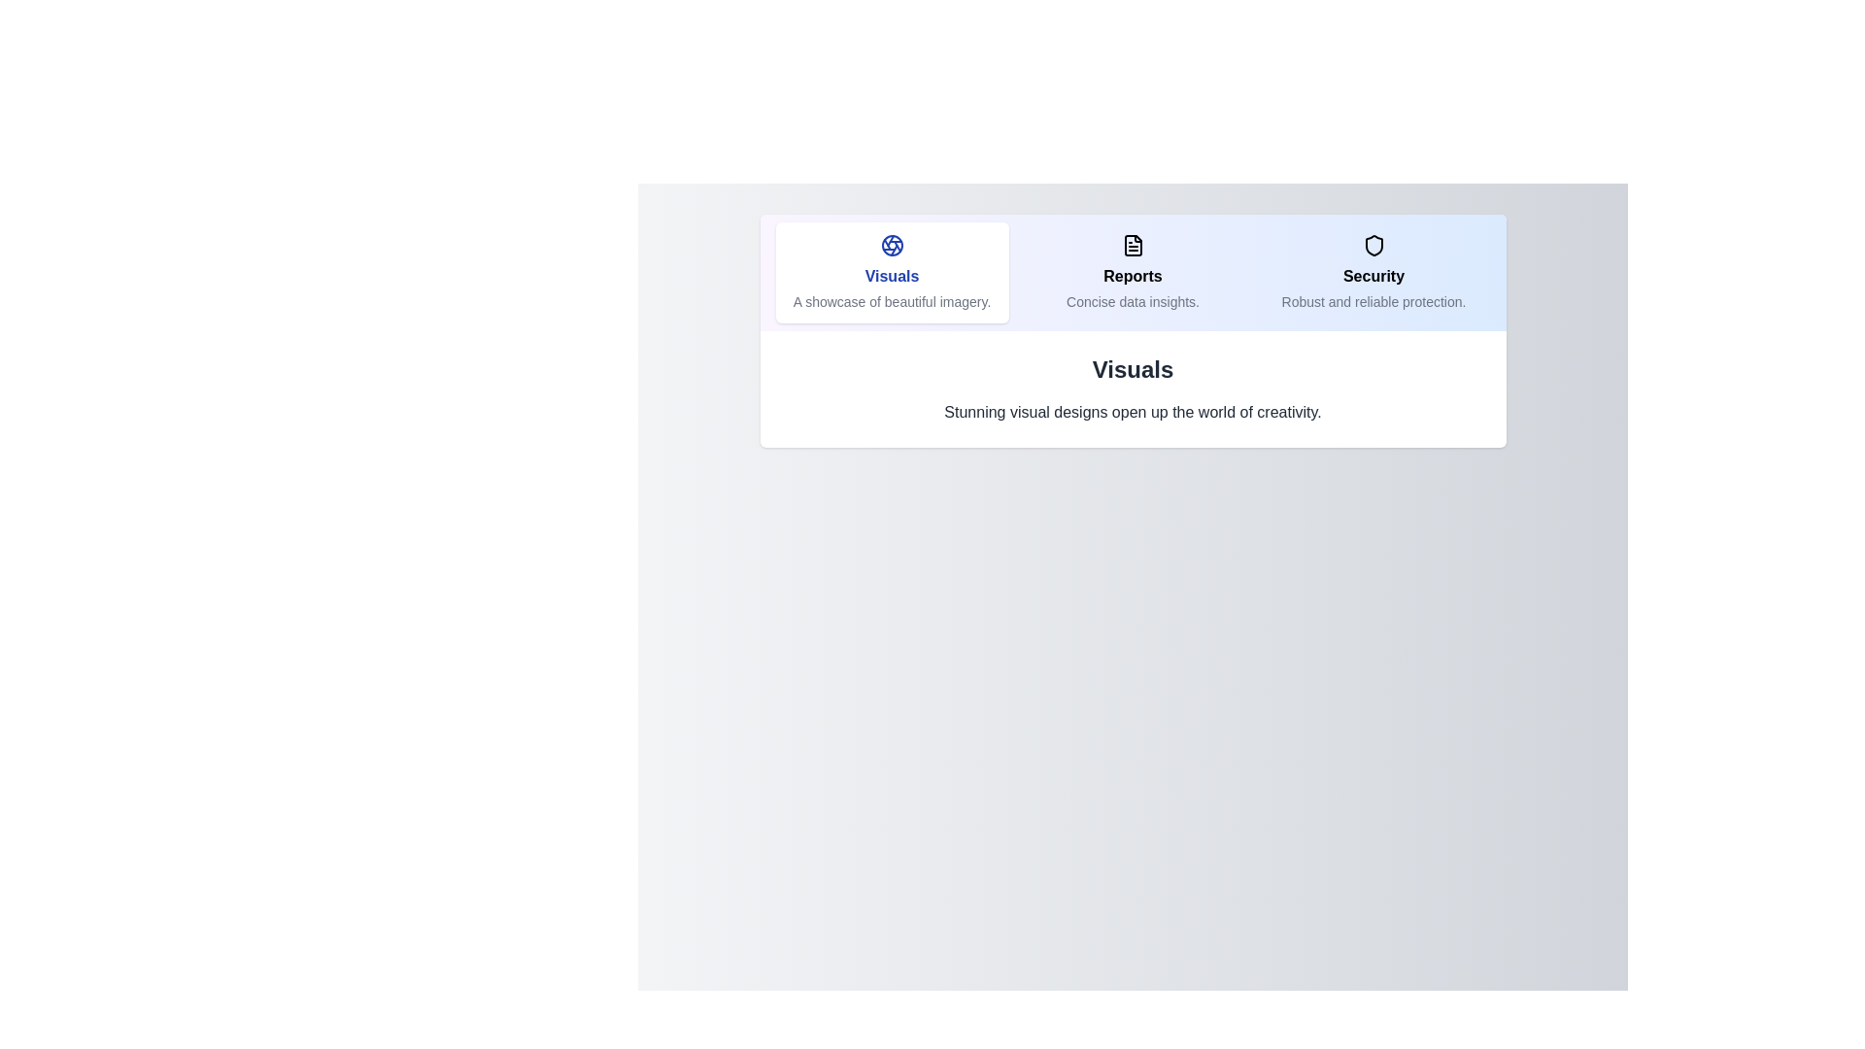  I want to click on the Visuals tab to view its content, so click(891, 273).